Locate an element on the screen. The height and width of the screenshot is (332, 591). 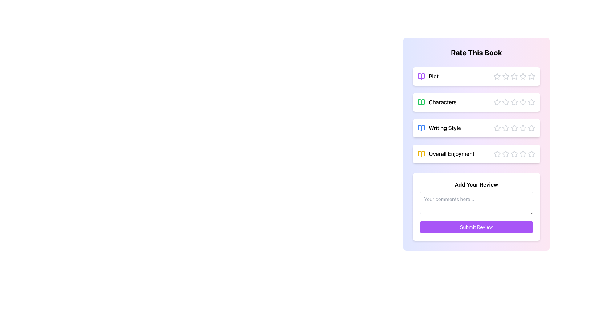
the 'Overall Enjoyment' label that describes the category for rating a book, which is located between the 'Writing Style' row and the star rating controls is located at coordinates (446, 154).